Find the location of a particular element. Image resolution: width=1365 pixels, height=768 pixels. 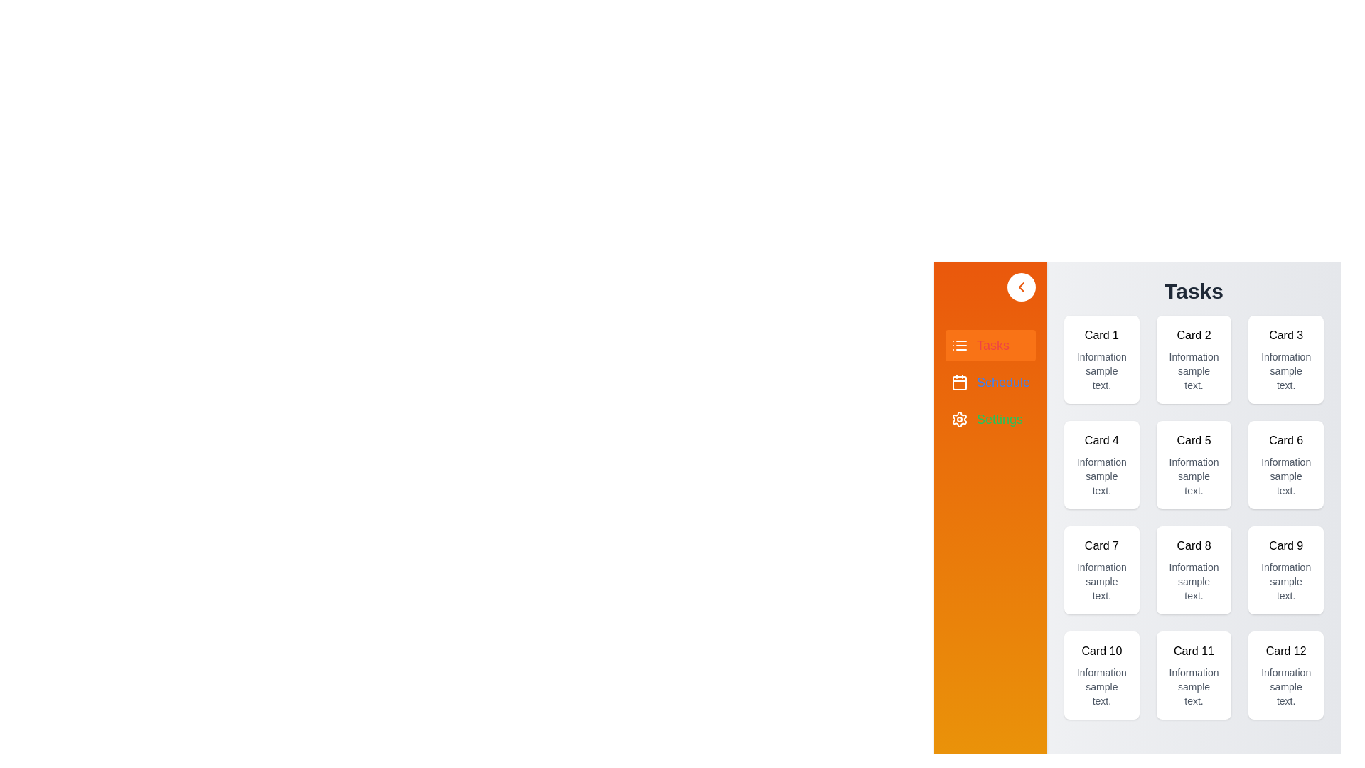

the Tasks section from the drawer is located at coordinates (990, 346).